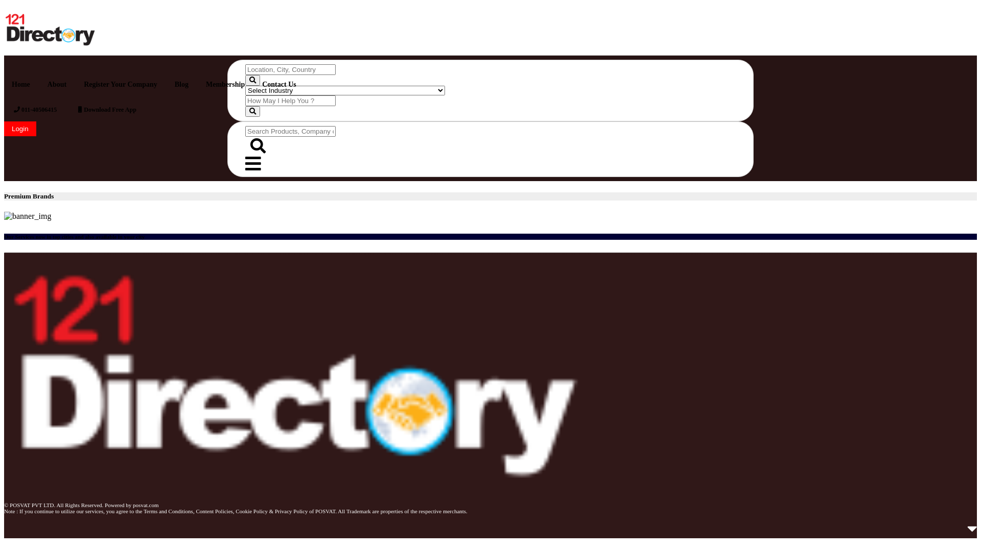 Image resolution: width=981 pixels, height=551 pixels. I want to click on 'Membership', so click(201, 84).